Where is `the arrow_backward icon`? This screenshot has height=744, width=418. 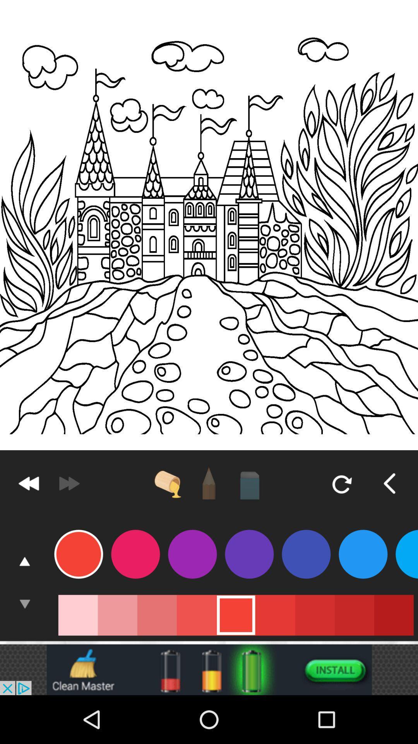
the arrow_backward icon is located at coordinates (389, 517).